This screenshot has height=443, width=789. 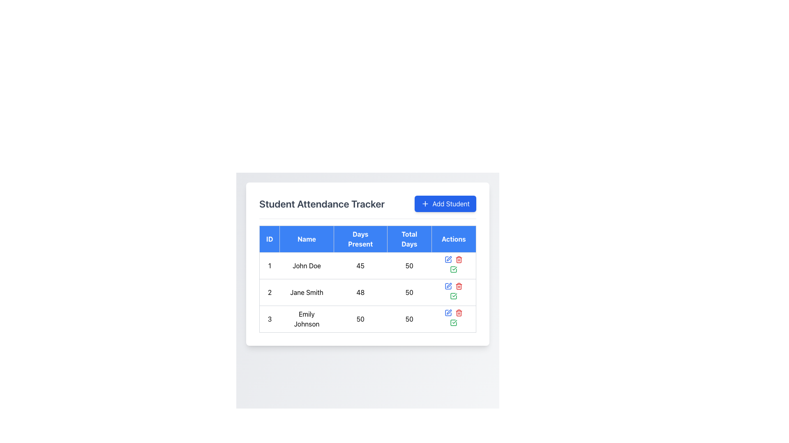 I want to click on the edit icon in the Actions column for the third row corresponding to 'Emily Johnson', so click(x=448, y=313).